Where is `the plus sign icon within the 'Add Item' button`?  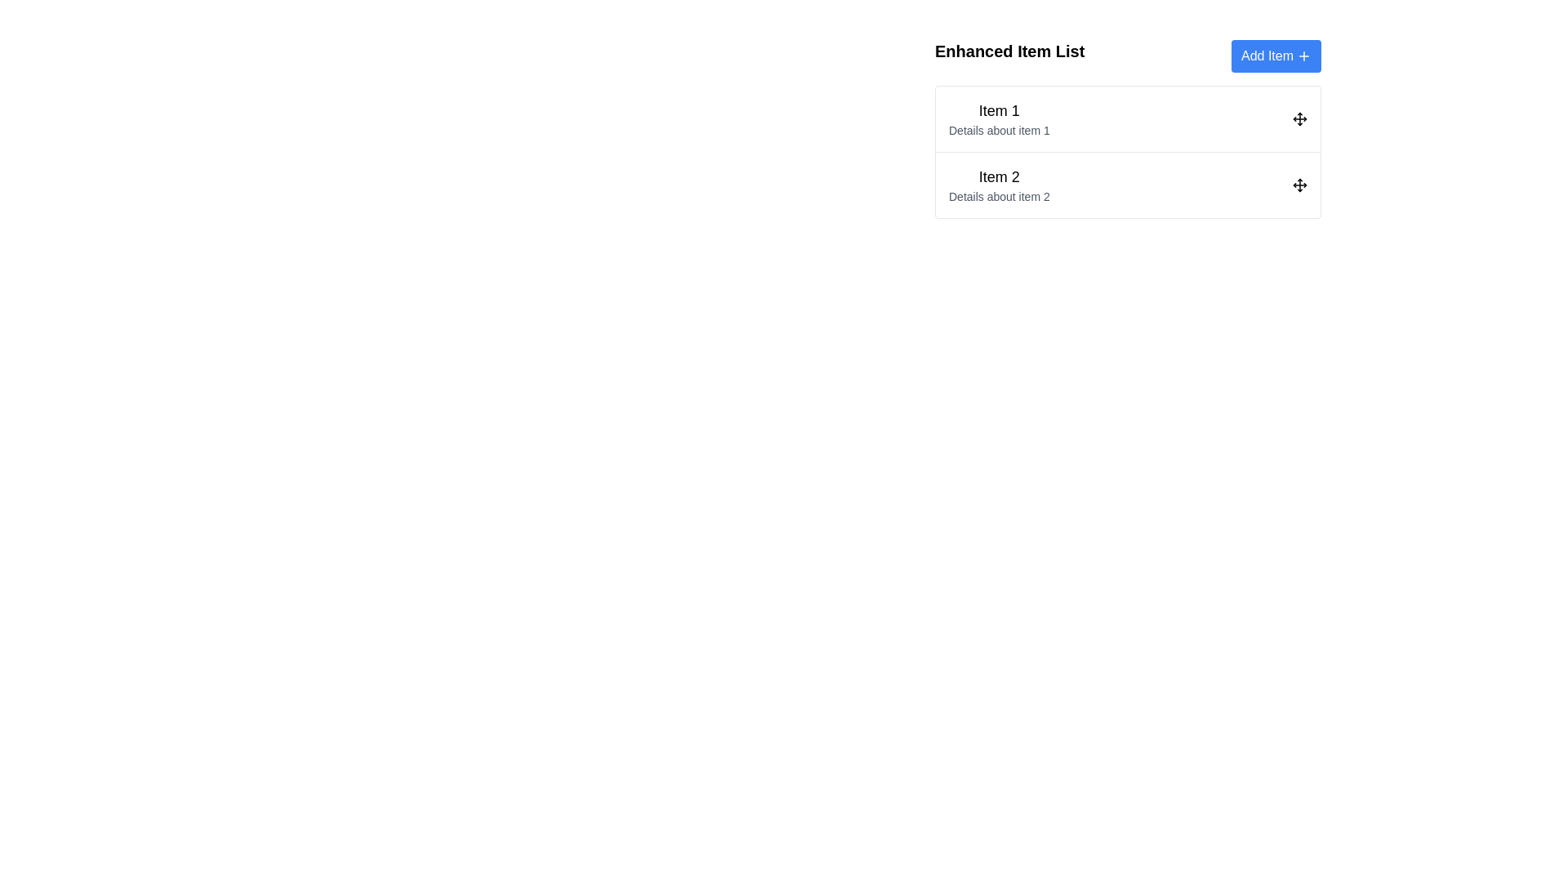
the plus sign icon within the 'Add Item' button is located at coordinates (1303, 56).